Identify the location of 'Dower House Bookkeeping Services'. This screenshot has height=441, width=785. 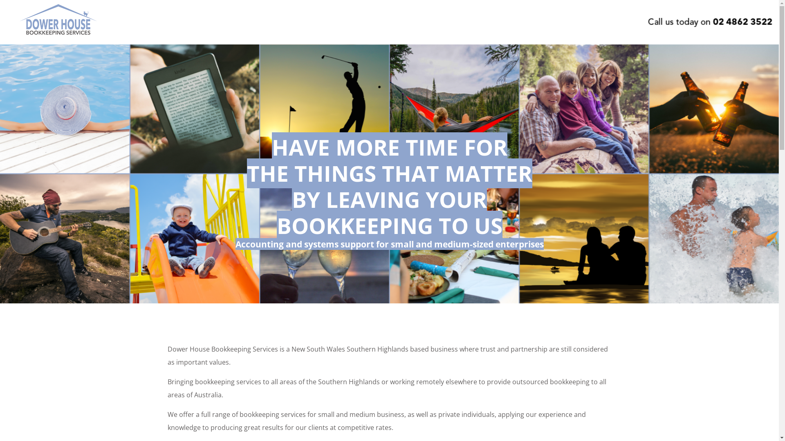
(20, 36).